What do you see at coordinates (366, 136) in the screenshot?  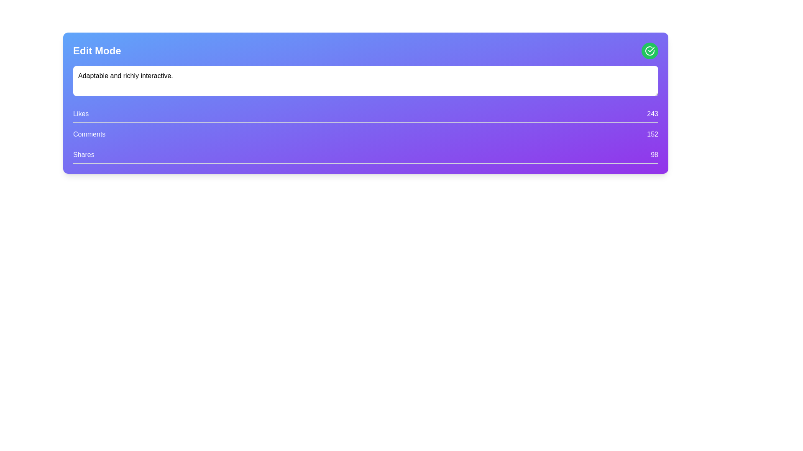 I see `the informational display section that shows the total number of comments, positioned between the 'Likes' and 'Shares' elements` at bounding box center [366, 136].